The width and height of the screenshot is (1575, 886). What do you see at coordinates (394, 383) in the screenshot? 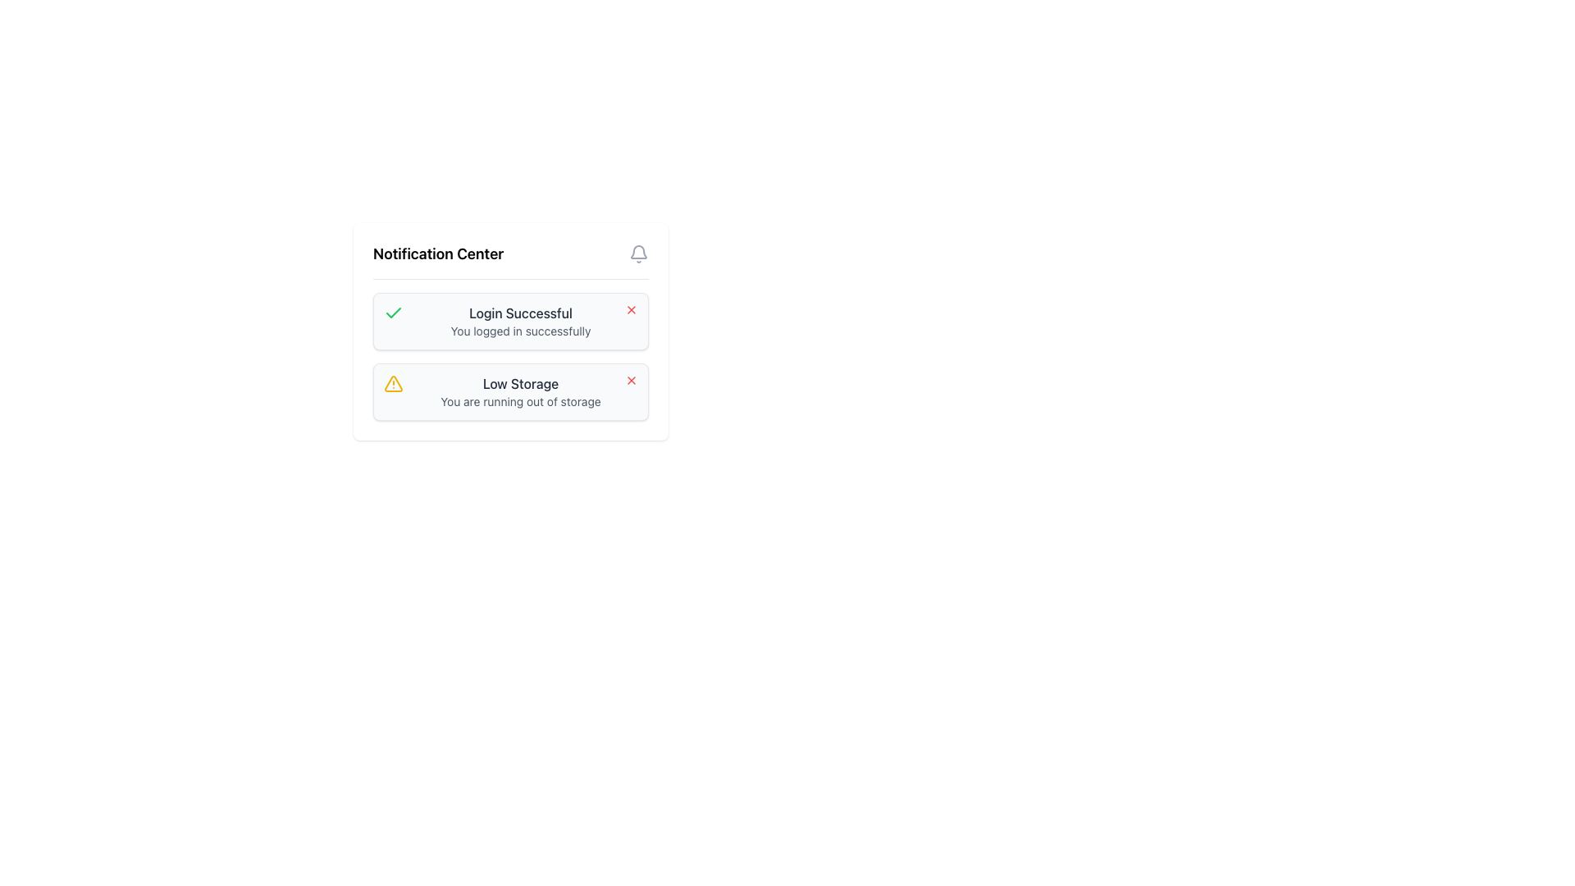
I see `the alert icon indicating low storage located in the left-most section of the notification card titled 'Low Storage'` at bounding box center [394, 383].